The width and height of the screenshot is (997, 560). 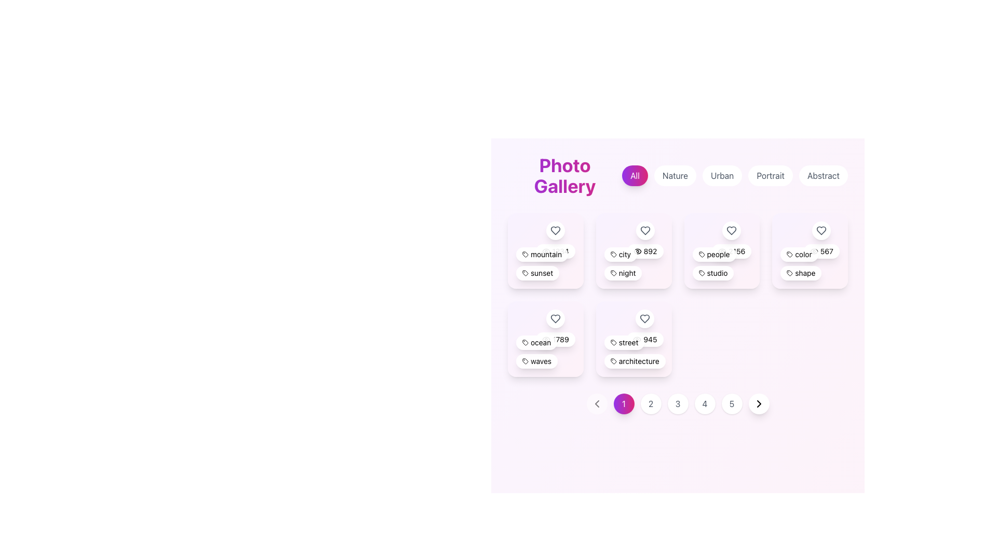 What do you see at coordinates (542, 254) in the screenshot?
I see `the first tag or label element located in the first row of tags within the first card of the grid layout, positioned above the tag labeled 'sunset'` at bounding box center [542, 254].